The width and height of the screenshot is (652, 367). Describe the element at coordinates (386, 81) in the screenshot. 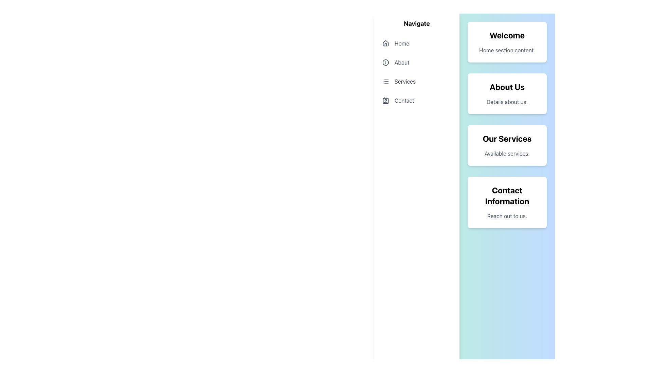

I see `the list icon next to the 'Services' label in the vertical navigation menu` at that location.